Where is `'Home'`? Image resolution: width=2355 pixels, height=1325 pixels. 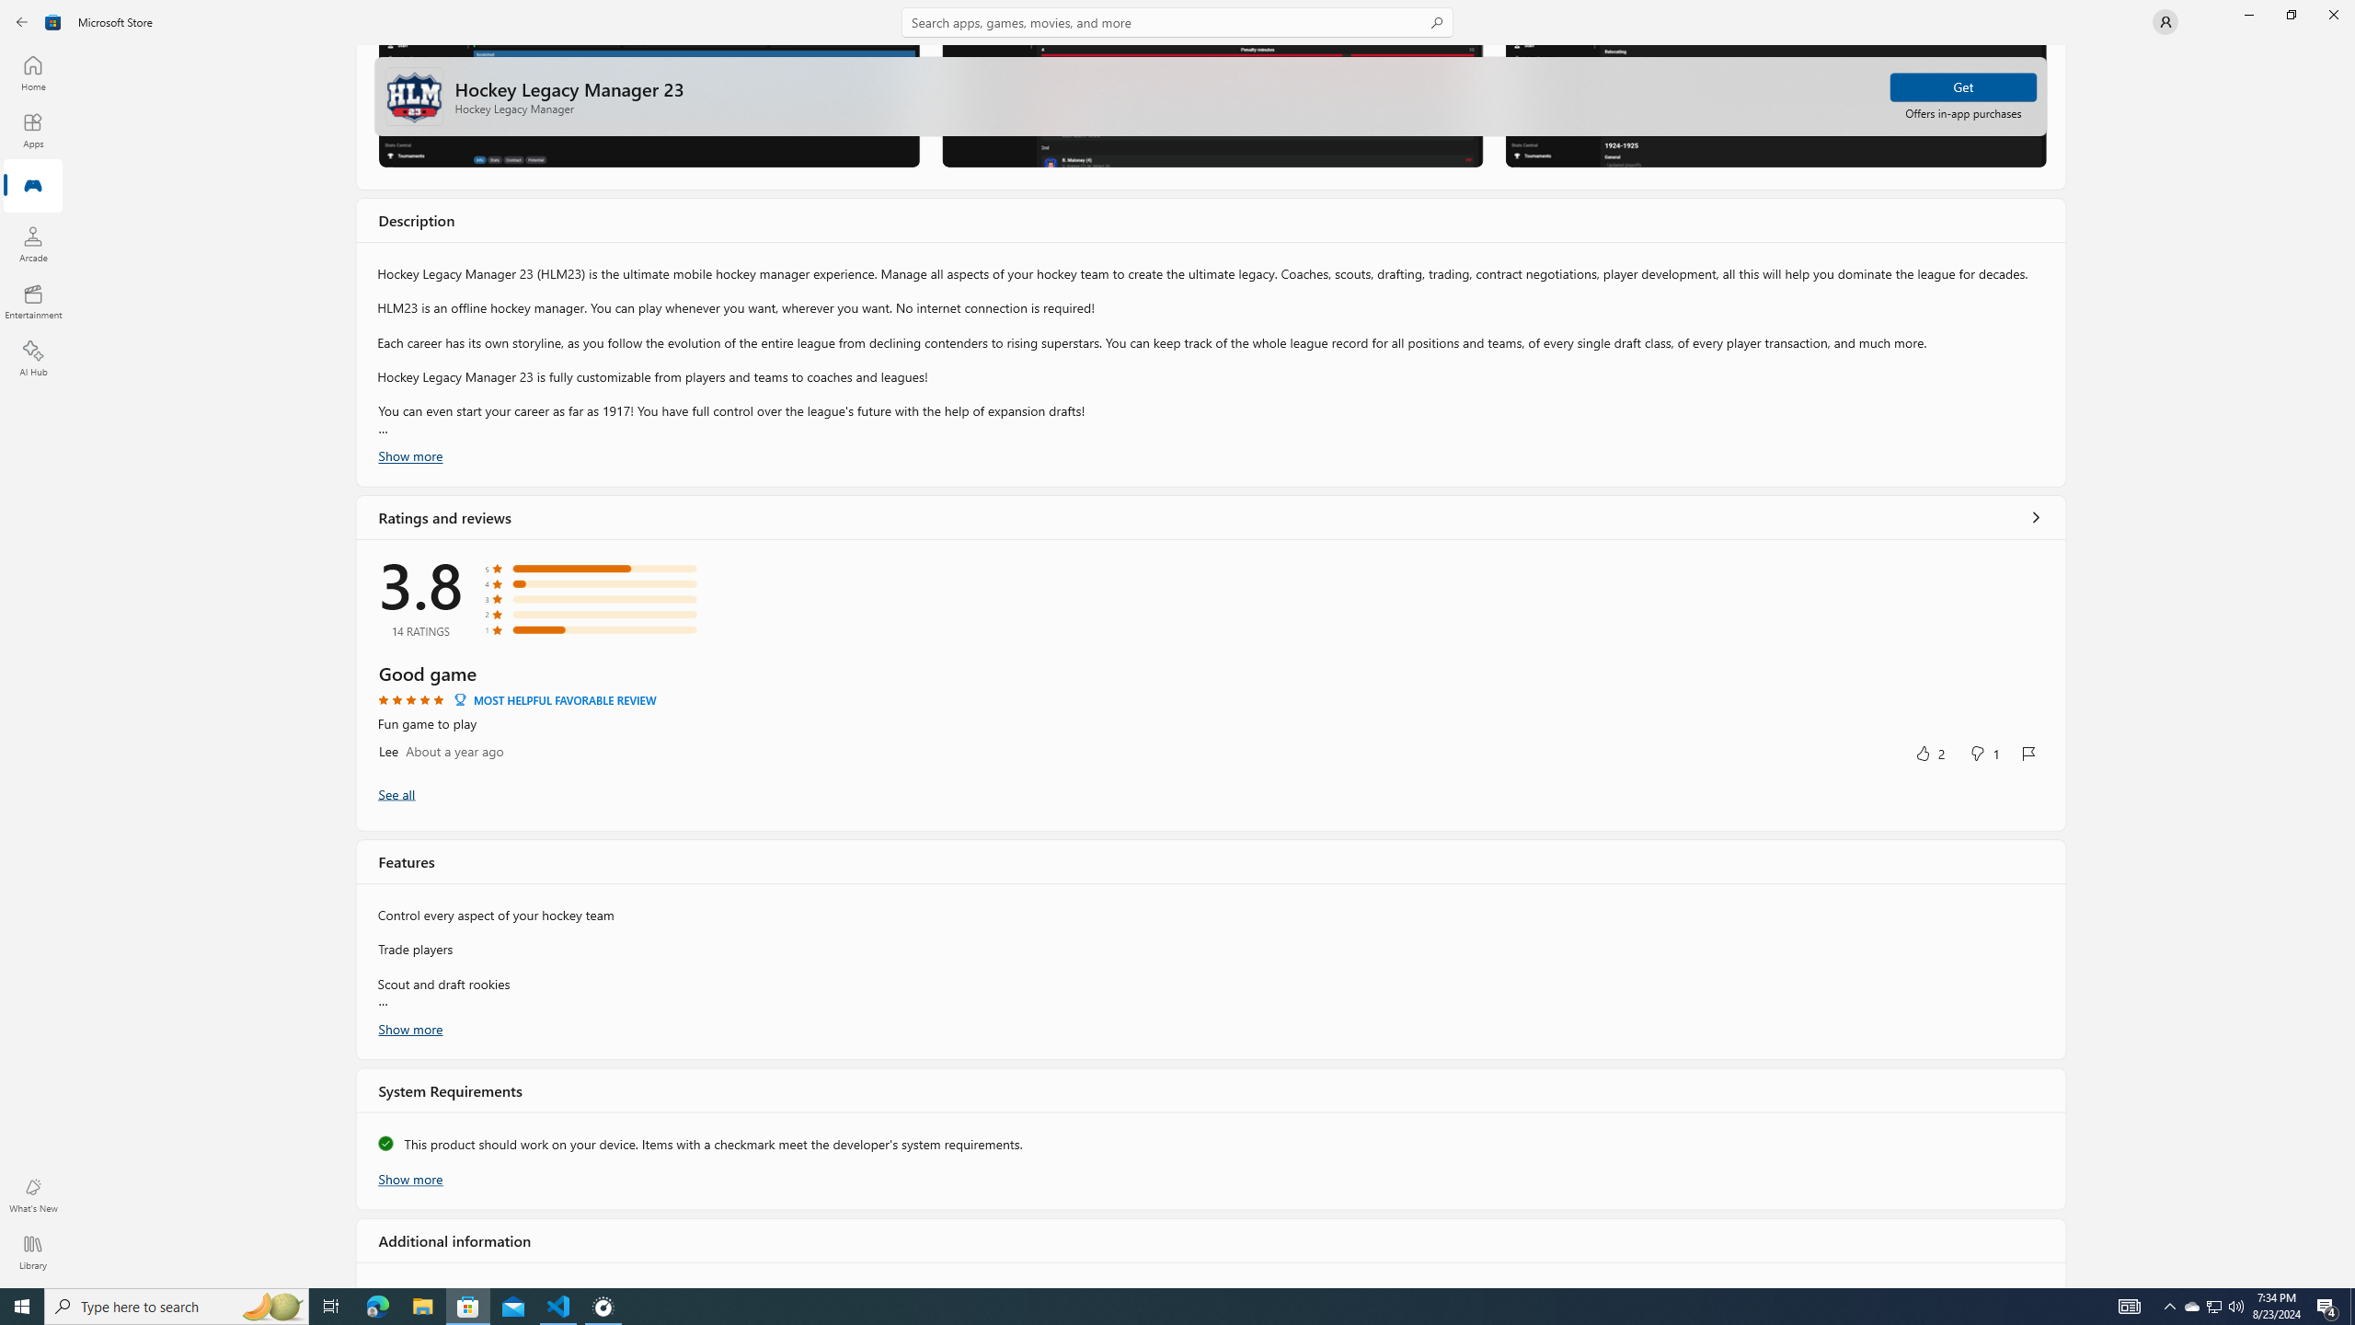
'Home' is located at coordinates (31, 72).